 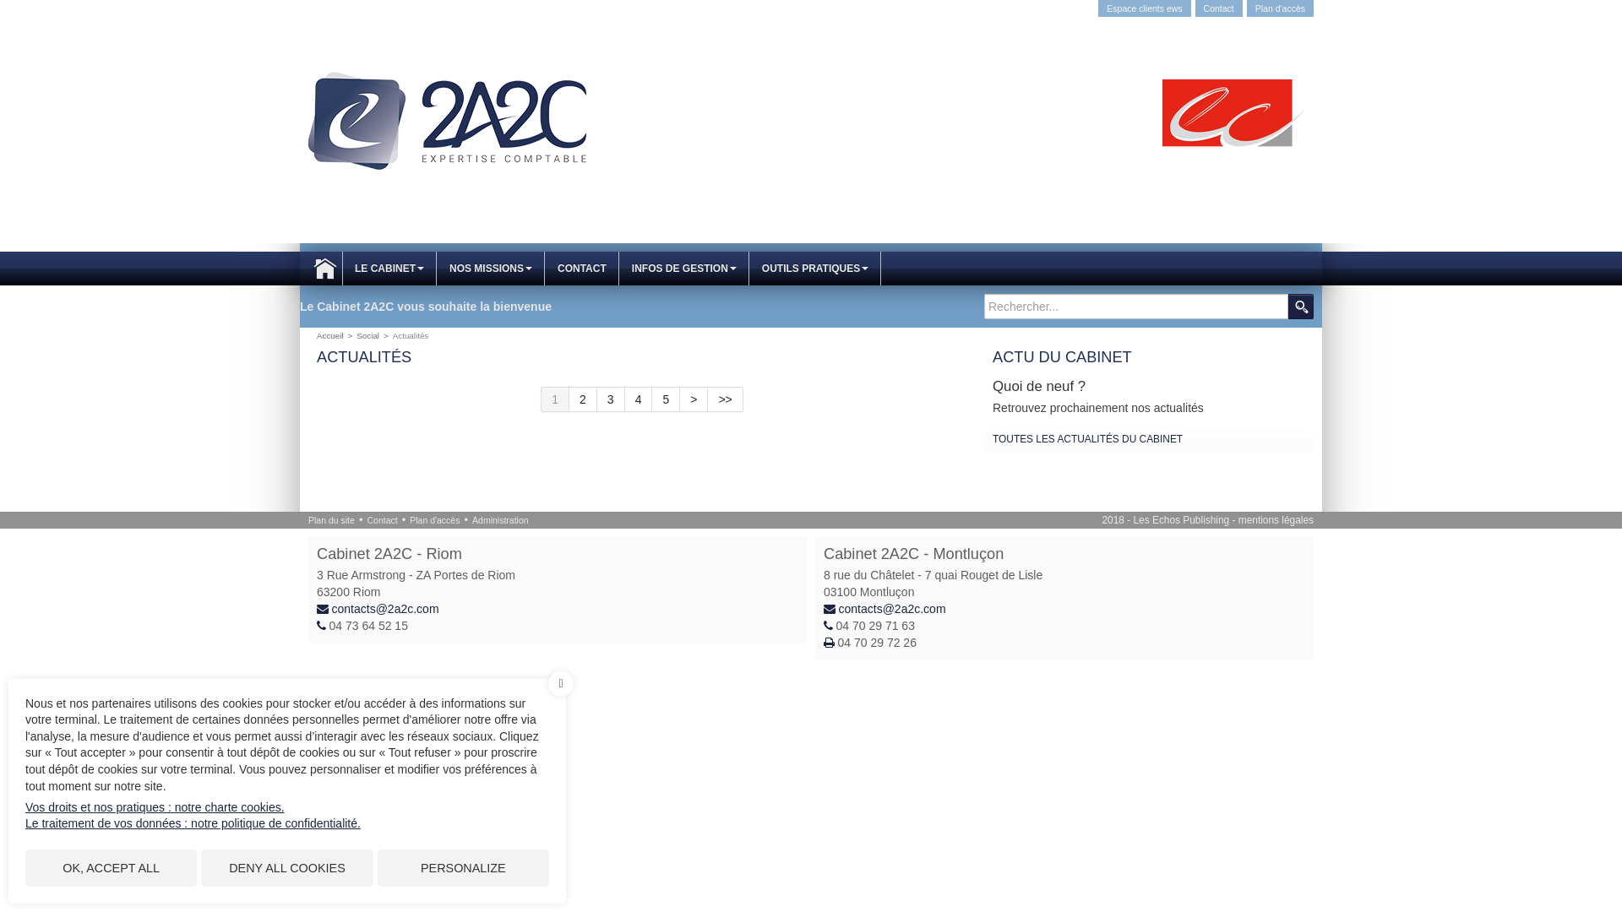 I want to click on 'OUTILS PRATIQUES', so click(x=814, y=267).